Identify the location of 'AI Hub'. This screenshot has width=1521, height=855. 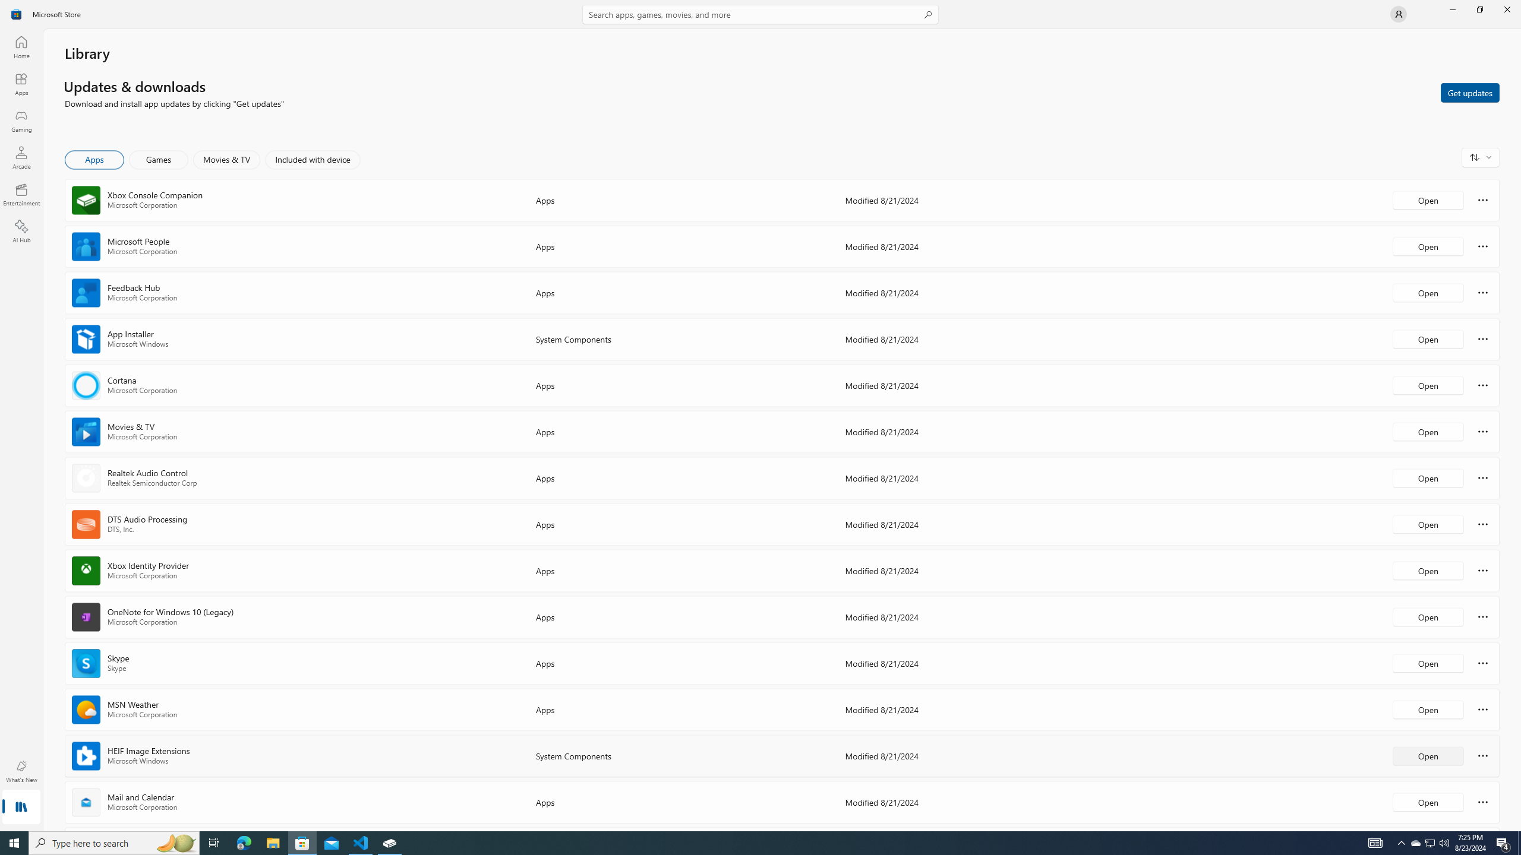
(20, 230).